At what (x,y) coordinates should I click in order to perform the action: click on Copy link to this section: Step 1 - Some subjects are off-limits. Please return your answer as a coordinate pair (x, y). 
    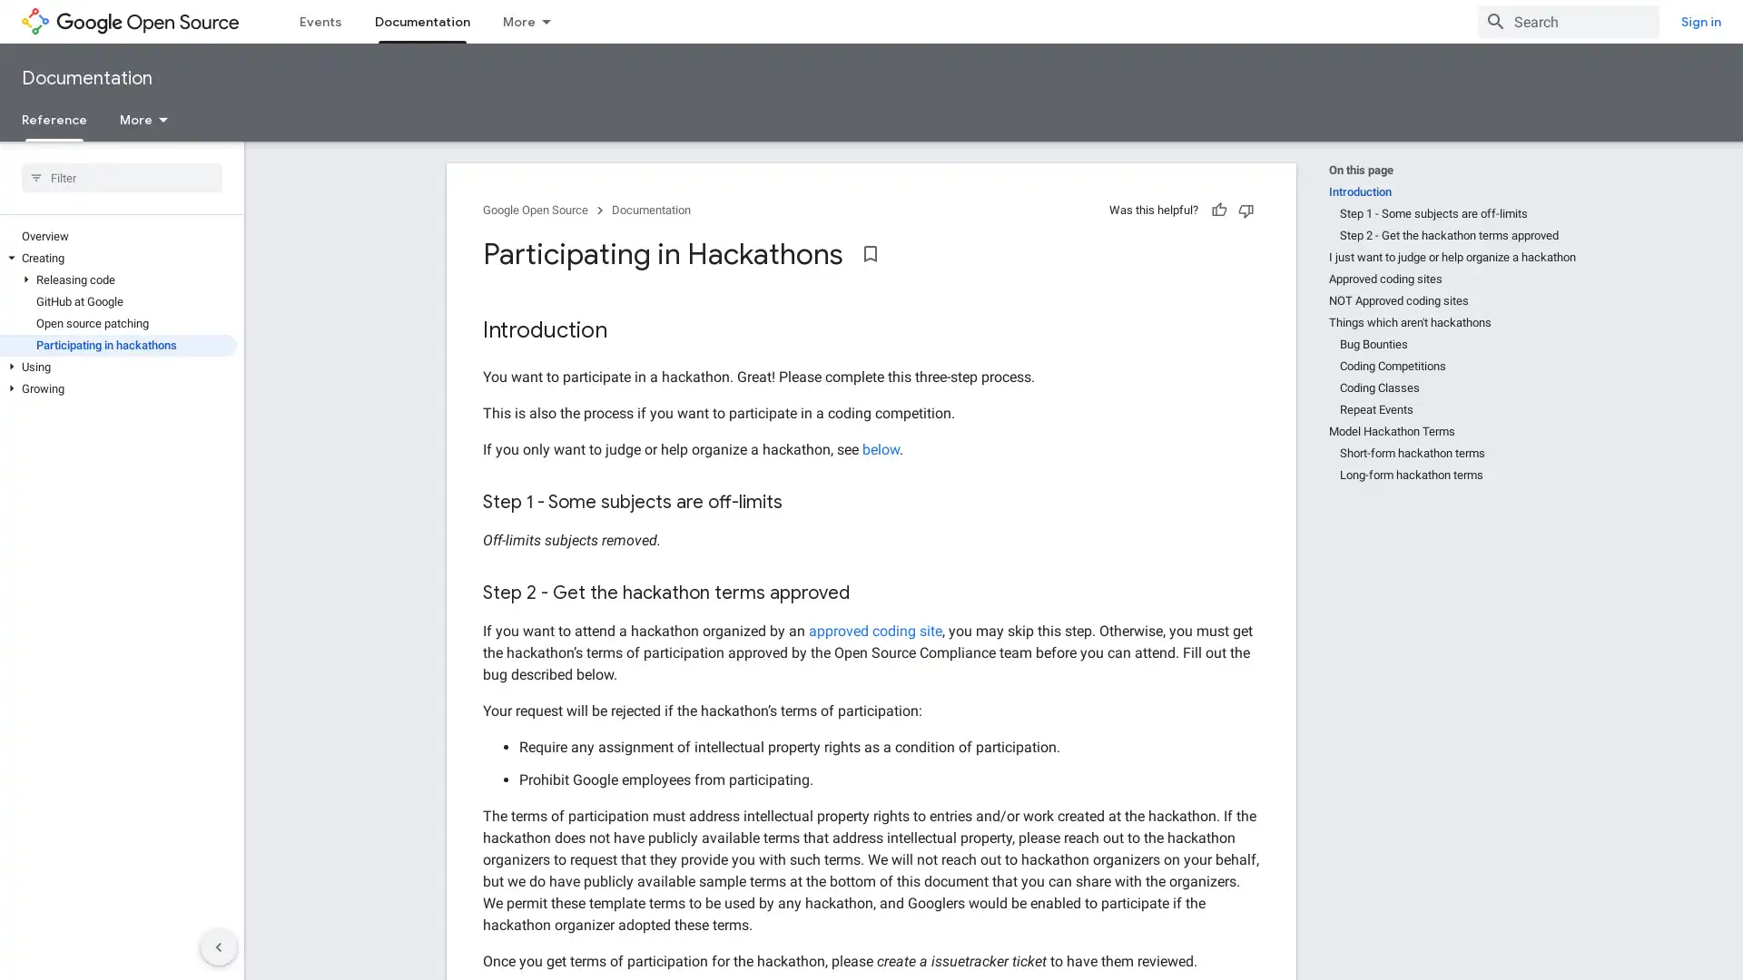
    Looking at the image, I should click on (800, 503).